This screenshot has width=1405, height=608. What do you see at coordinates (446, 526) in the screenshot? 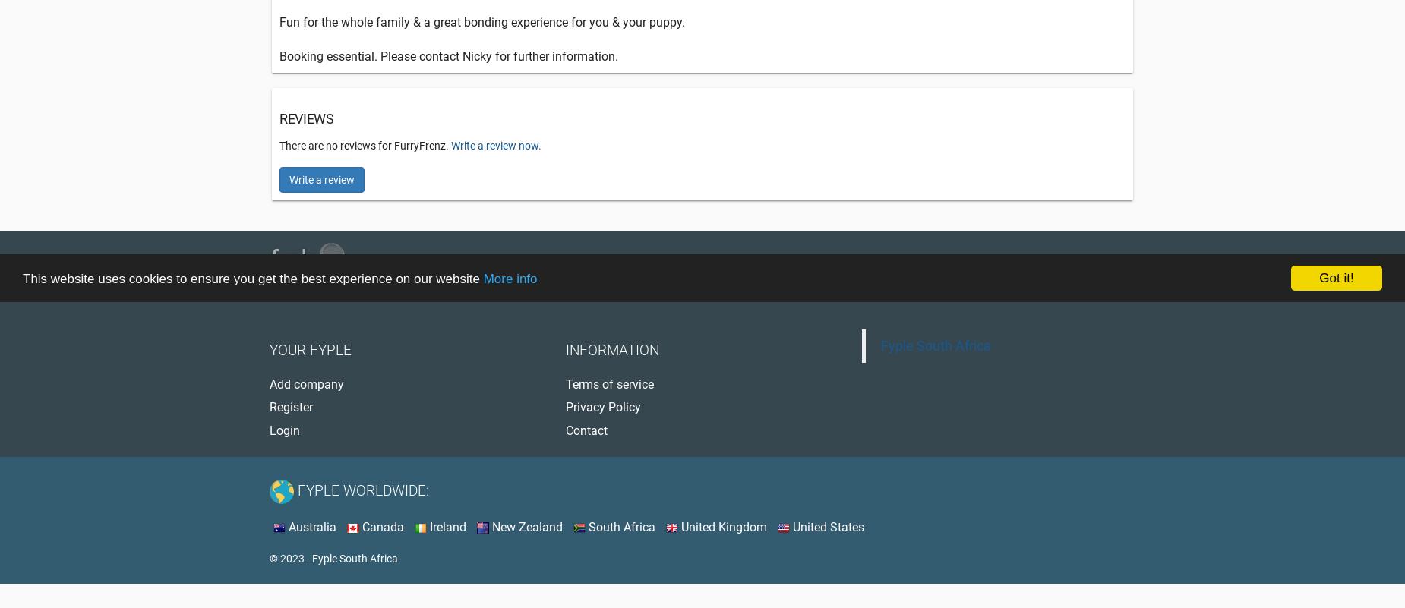
I see `'Ireland'` at bounding box center [446, 526].